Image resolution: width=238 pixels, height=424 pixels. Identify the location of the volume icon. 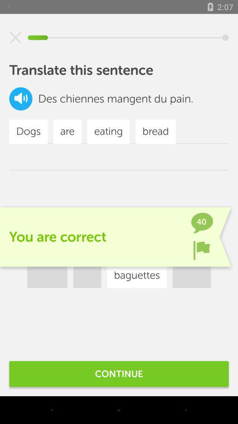
(21, 98).